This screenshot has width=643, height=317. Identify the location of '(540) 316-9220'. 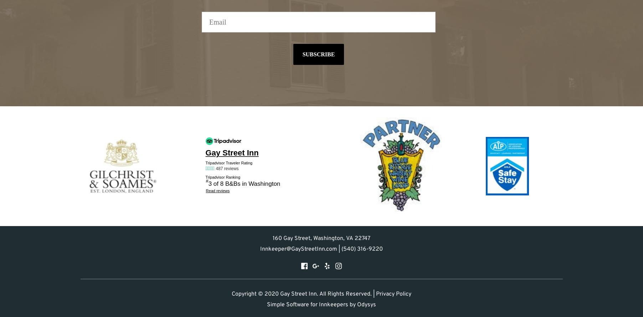
(341, 249).